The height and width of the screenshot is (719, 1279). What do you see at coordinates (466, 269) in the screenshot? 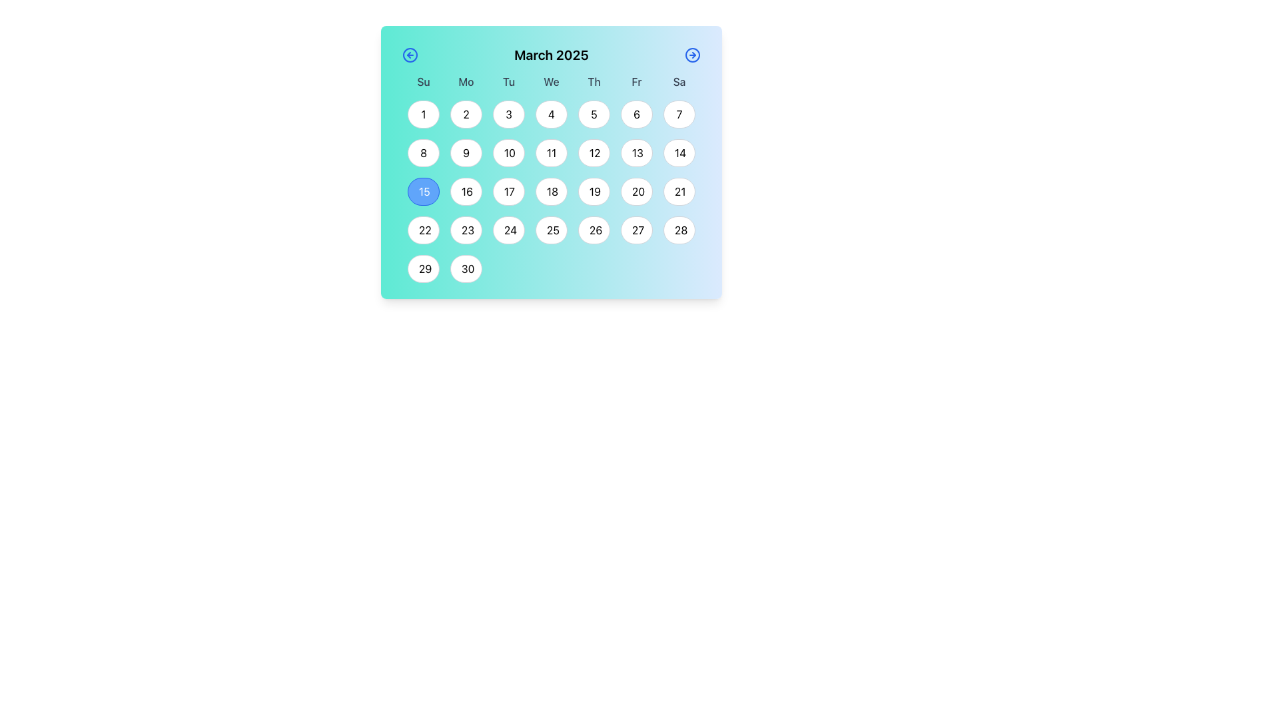
I see `the button that selects the date '30' in the calendar, located under the 'Sa' column and next to the '29' button` at bounding box center [466, 269].